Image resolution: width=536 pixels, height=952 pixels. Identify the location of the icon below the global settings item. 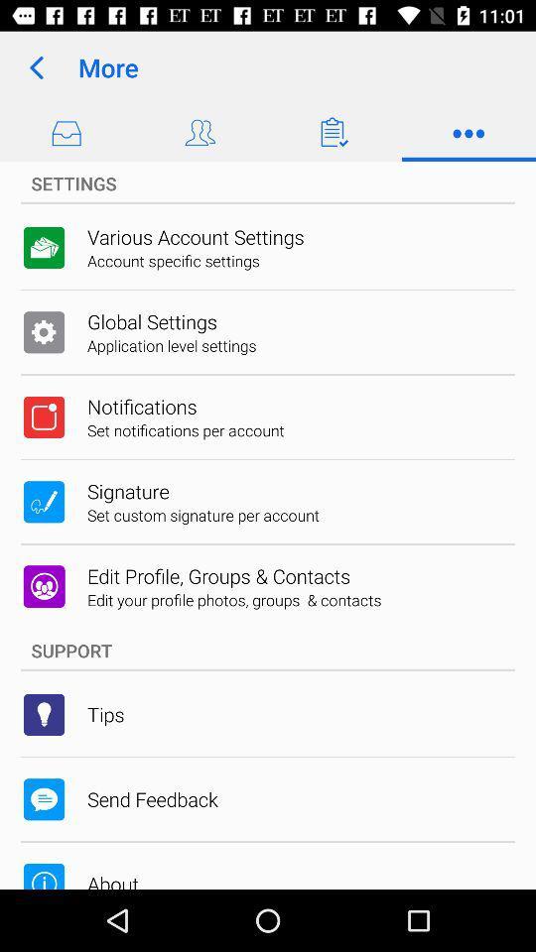
(172, 345).